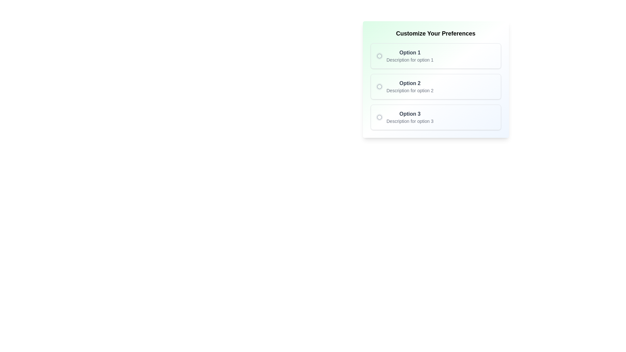 The image size is (626, 352). What do you see at coordinates (379, 86) in the screenshot?
I see `the radio button located to the left of the 'Option 2' text` at bounding box center [379, 86].